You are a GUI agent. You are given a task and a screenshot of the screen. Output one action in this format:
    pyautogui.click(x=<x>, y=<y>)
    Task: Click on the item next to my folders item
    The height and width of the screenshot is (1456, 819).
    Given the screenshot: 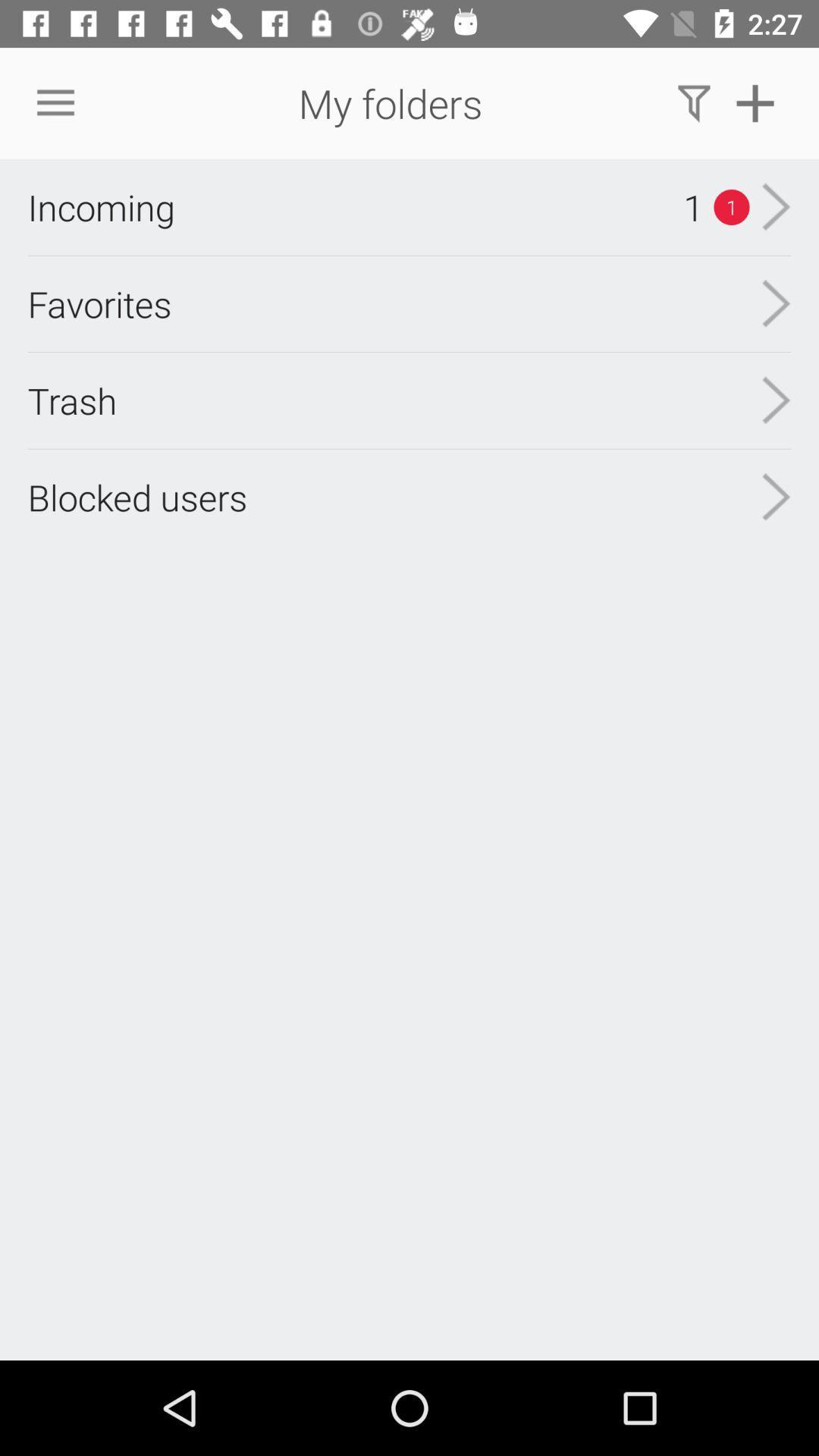 What is the action you would take?
    pyautogui.click(x=55, y=102)
    